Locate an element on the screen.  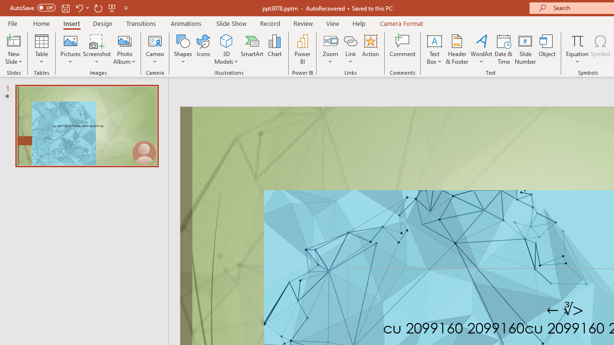
'Date & Time...' is located at coordinates (503, 49).